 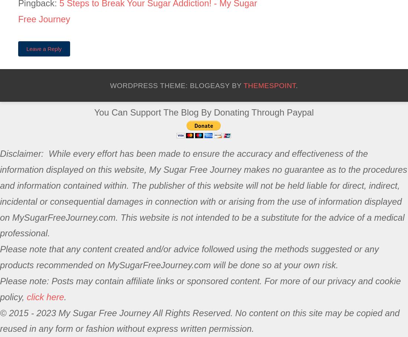 I want to click on 'click here', so click(x=45, y=297).